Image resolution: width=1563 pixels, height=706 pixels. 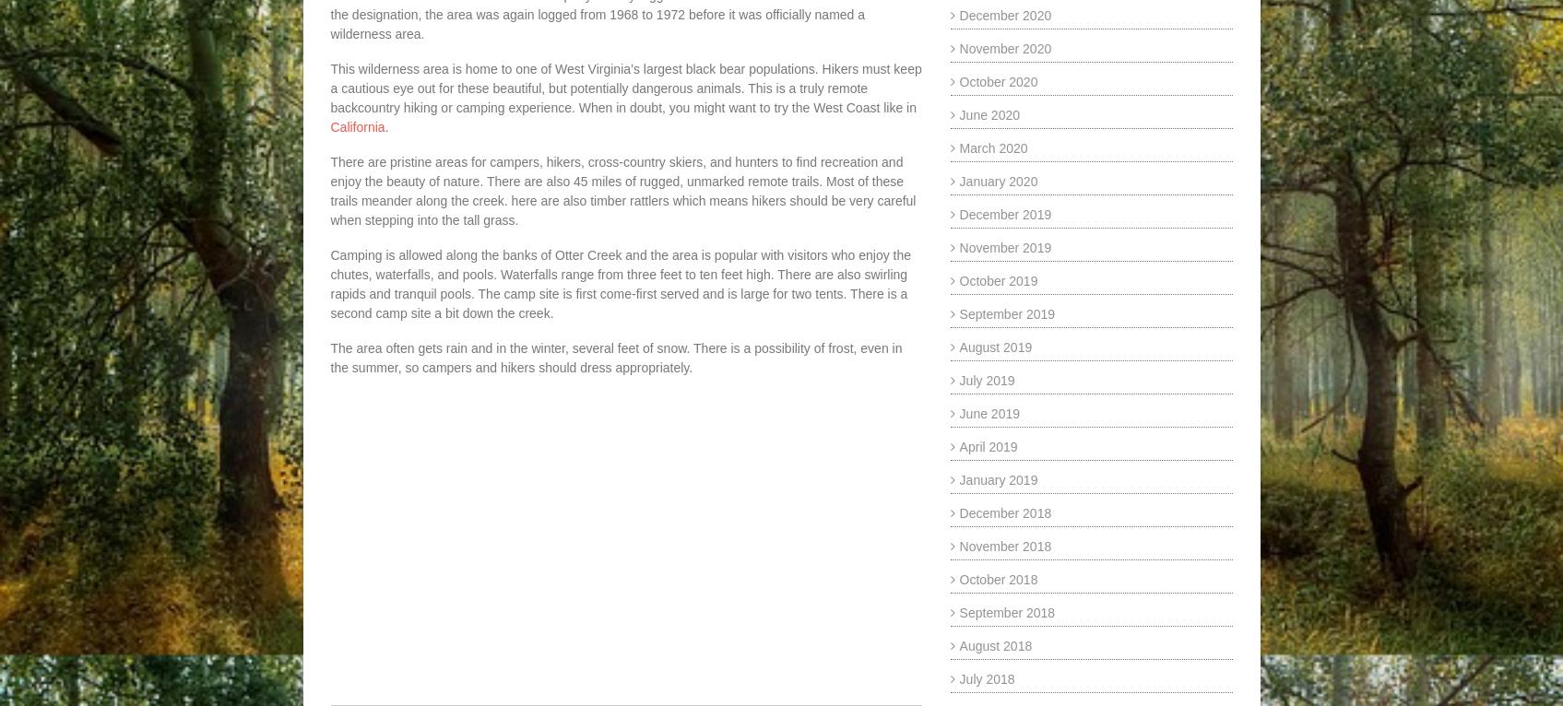 What do you see at coordinates (958, 15) in the screenshot?
I see `'December 2020'` at bounding box center [958, 15].